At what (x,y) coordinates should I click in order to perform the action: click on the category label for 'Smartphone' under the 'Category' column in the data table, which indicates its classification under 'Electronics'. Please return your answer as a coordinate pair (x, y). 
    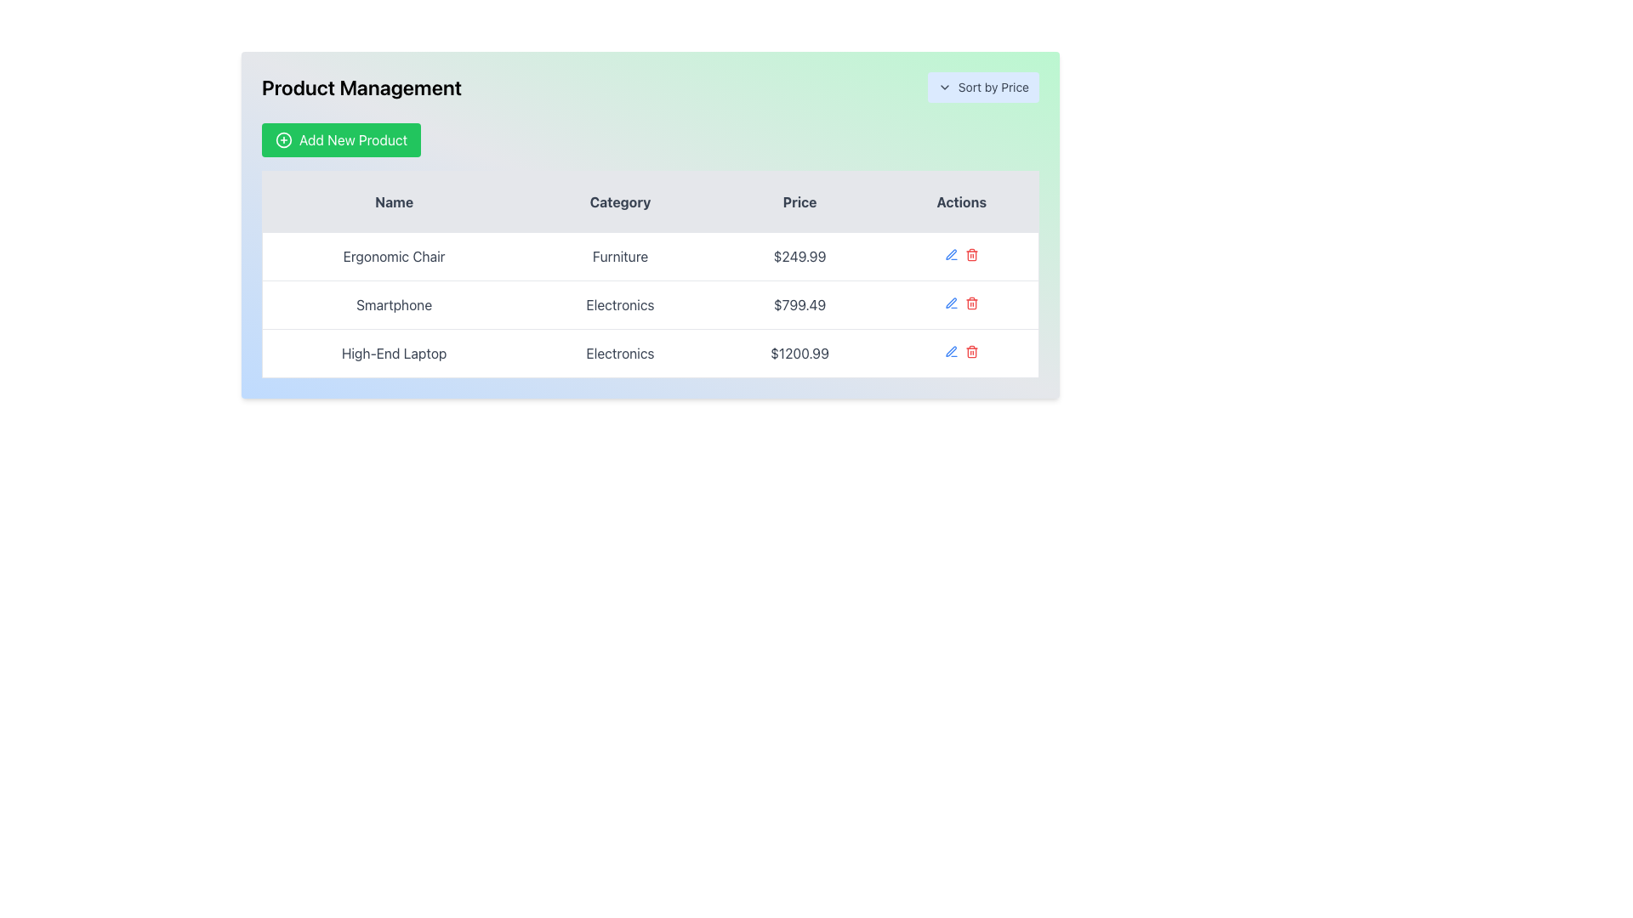
    Looking at the image, I should click on (619, 303).